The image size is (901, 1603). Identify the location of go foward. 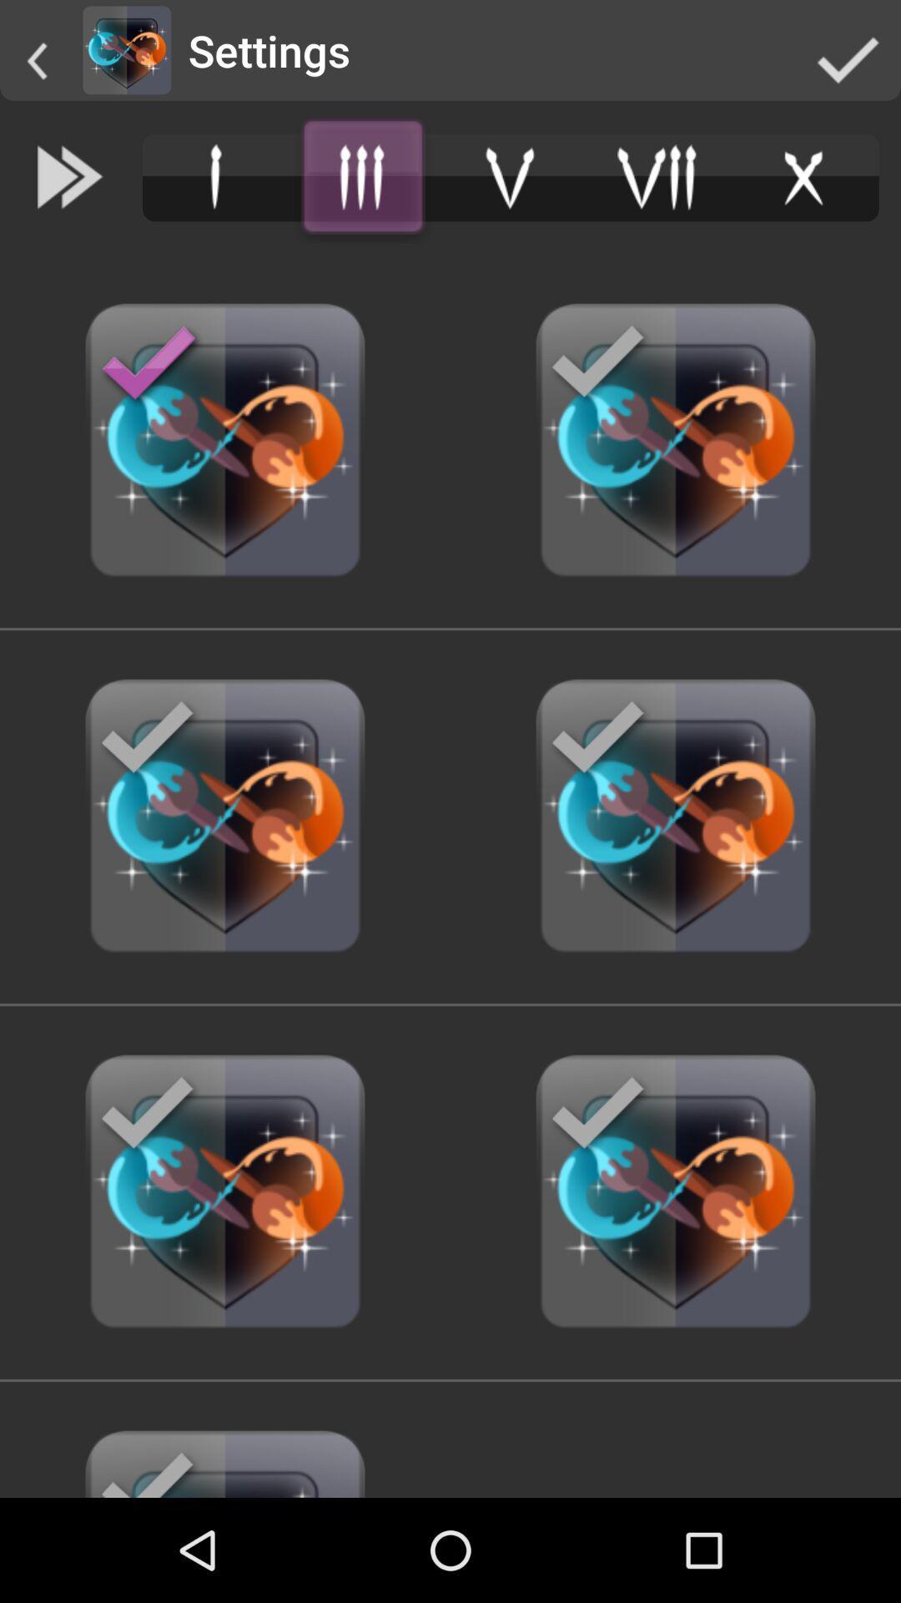
(69, 177).